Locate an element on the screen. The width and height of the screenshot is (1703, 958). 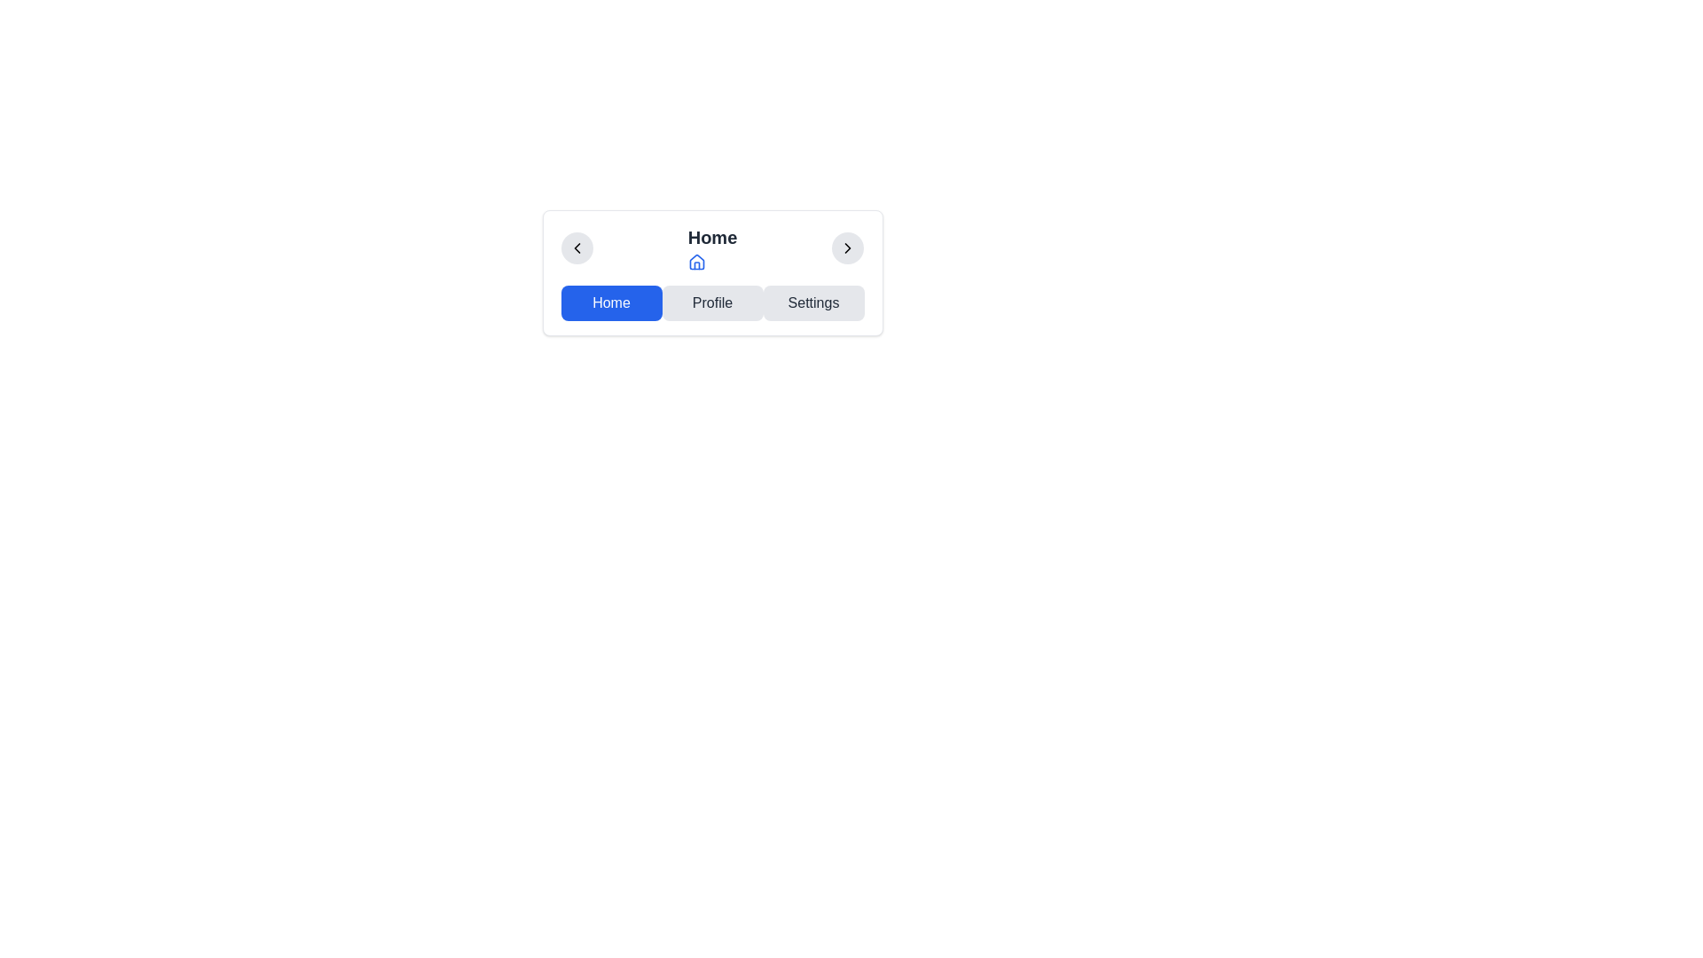
the small chevron icon with a black outline located within the circular gray button on the far right side of the row containing the 'Home' text is located at coordinates (847, 248).